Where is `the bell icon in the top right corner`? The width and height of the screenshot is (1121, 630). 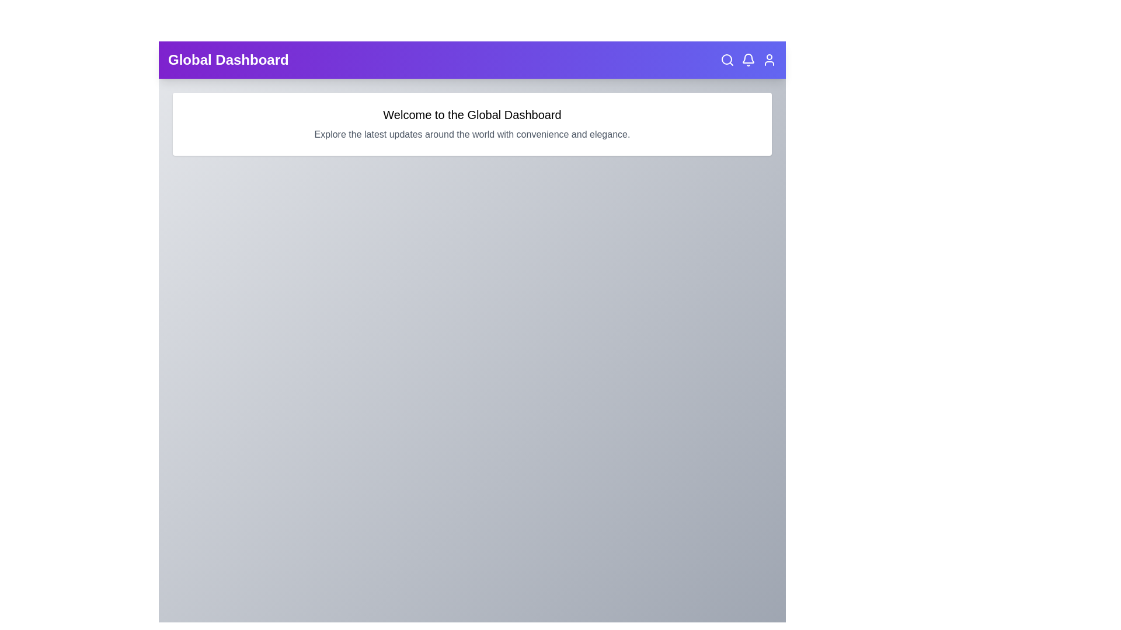 the bell icon in the top right corner is located at coordinates (748, 60).